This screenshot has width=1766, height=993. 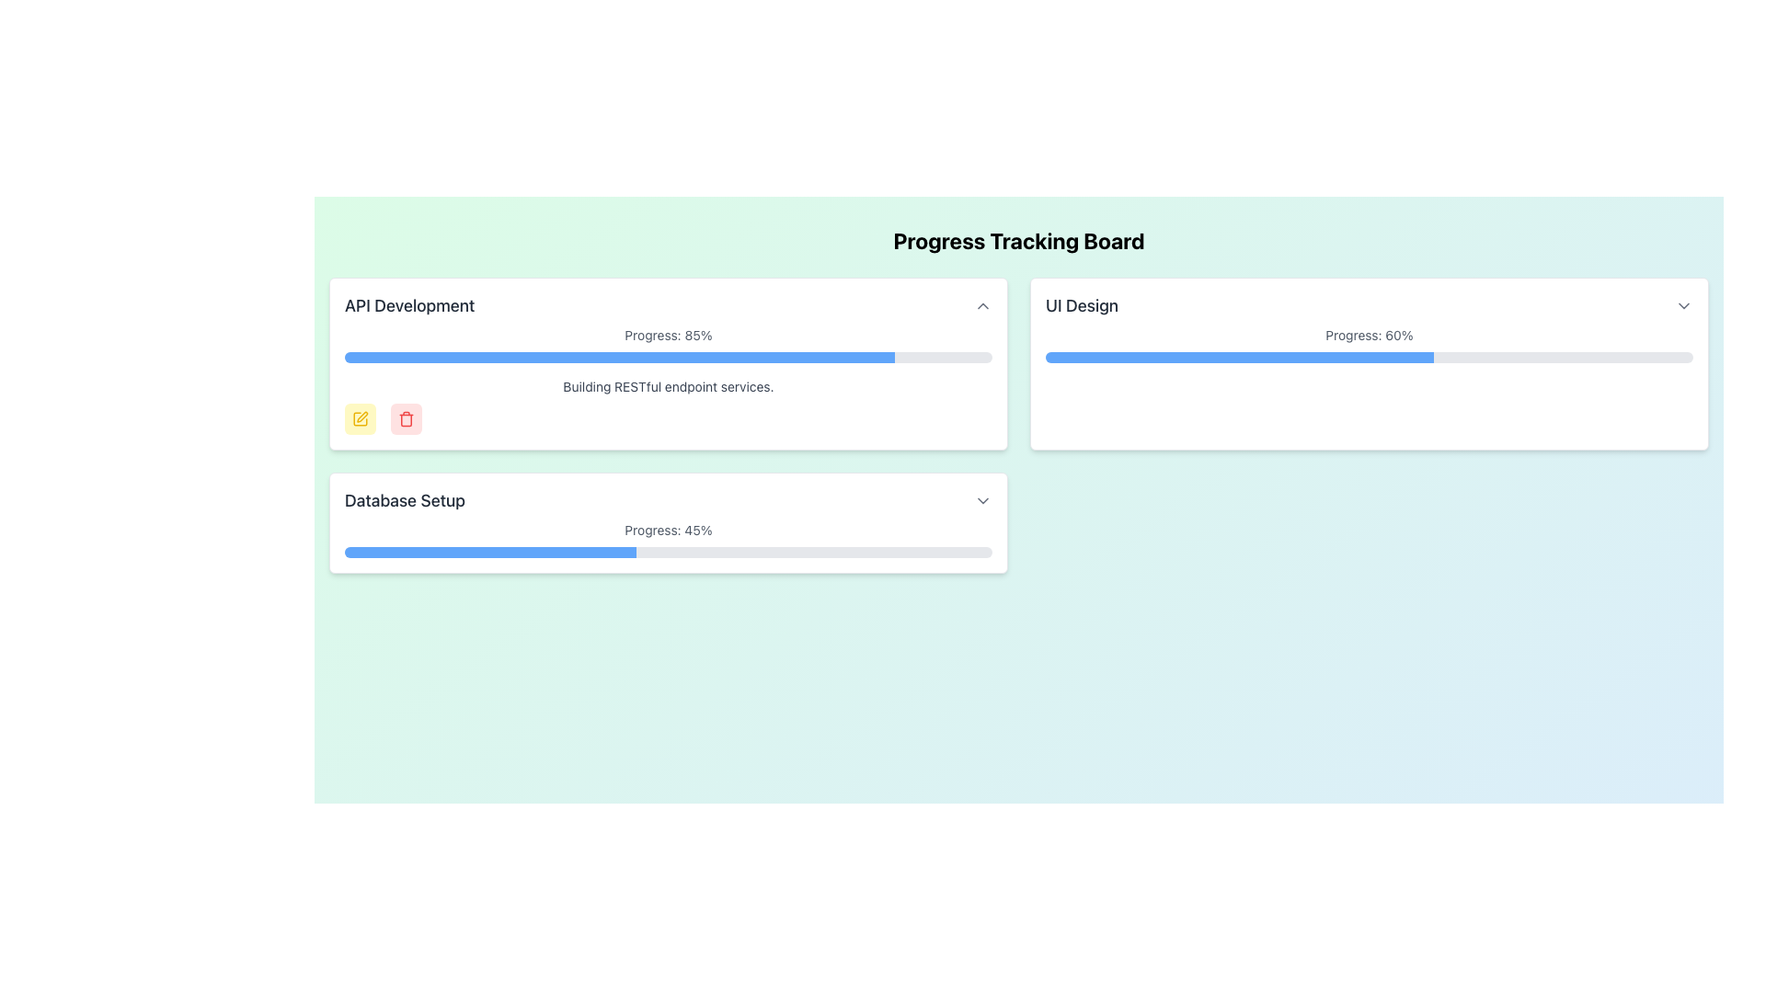 What do you see at coordinates (558, 552) in the screenshot?
I see `the progress bar` at bounding box center [558, 552].